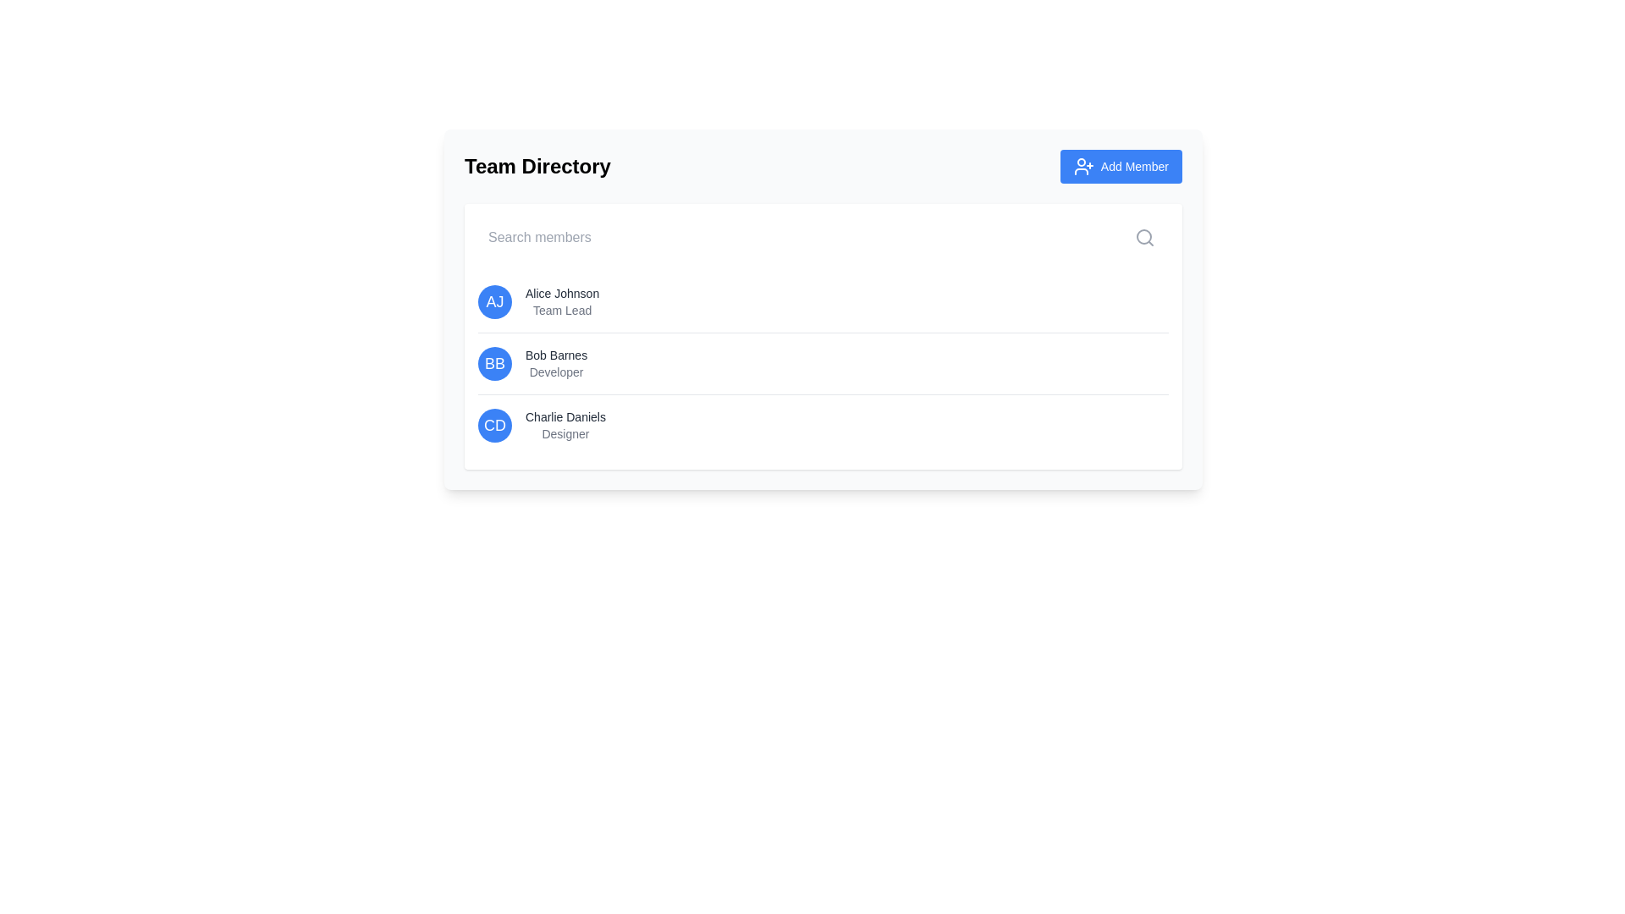 The image size is (1625, 914). What do you see at coordinates (562, 310) in the screenshot?
I see `the text label displaying 'Team Lead', which is styled in gray and located below 'Alice Johnson'` at bounding box center [562, 310].